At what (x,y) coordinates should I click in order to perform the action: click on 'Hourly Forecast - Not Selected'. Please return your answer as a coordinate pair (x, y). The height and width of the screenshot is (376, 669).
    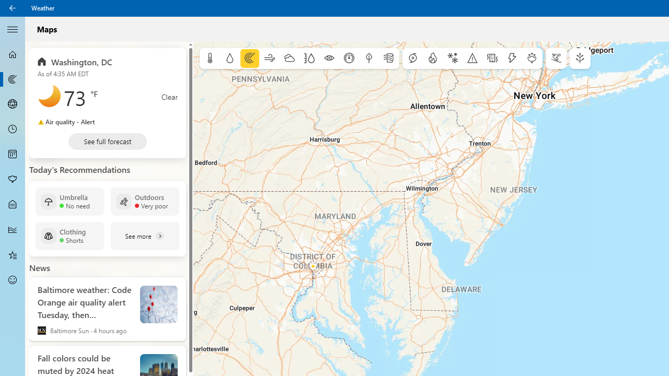
    Looking at the image, I should click on (13, 129).